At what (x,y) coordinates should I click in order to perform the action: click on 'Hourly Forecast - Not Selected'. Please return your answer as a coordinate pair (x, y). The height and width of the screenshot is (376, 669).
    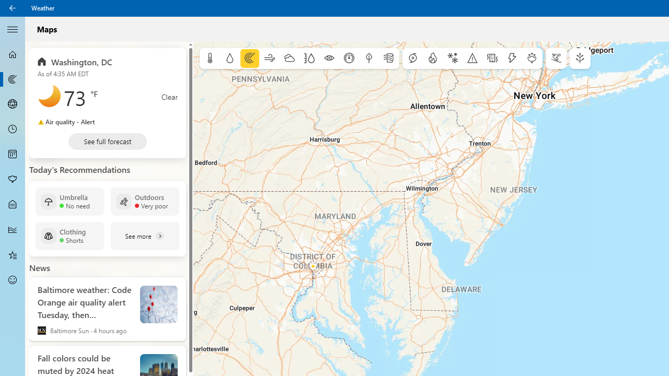
    Looking at the image, I should click on (13, 129).